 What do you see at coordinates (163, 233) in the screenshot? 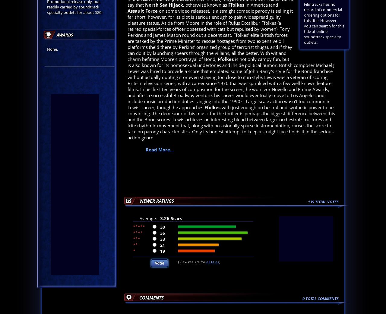
I see `'36'` at bounding box center [163, 233].